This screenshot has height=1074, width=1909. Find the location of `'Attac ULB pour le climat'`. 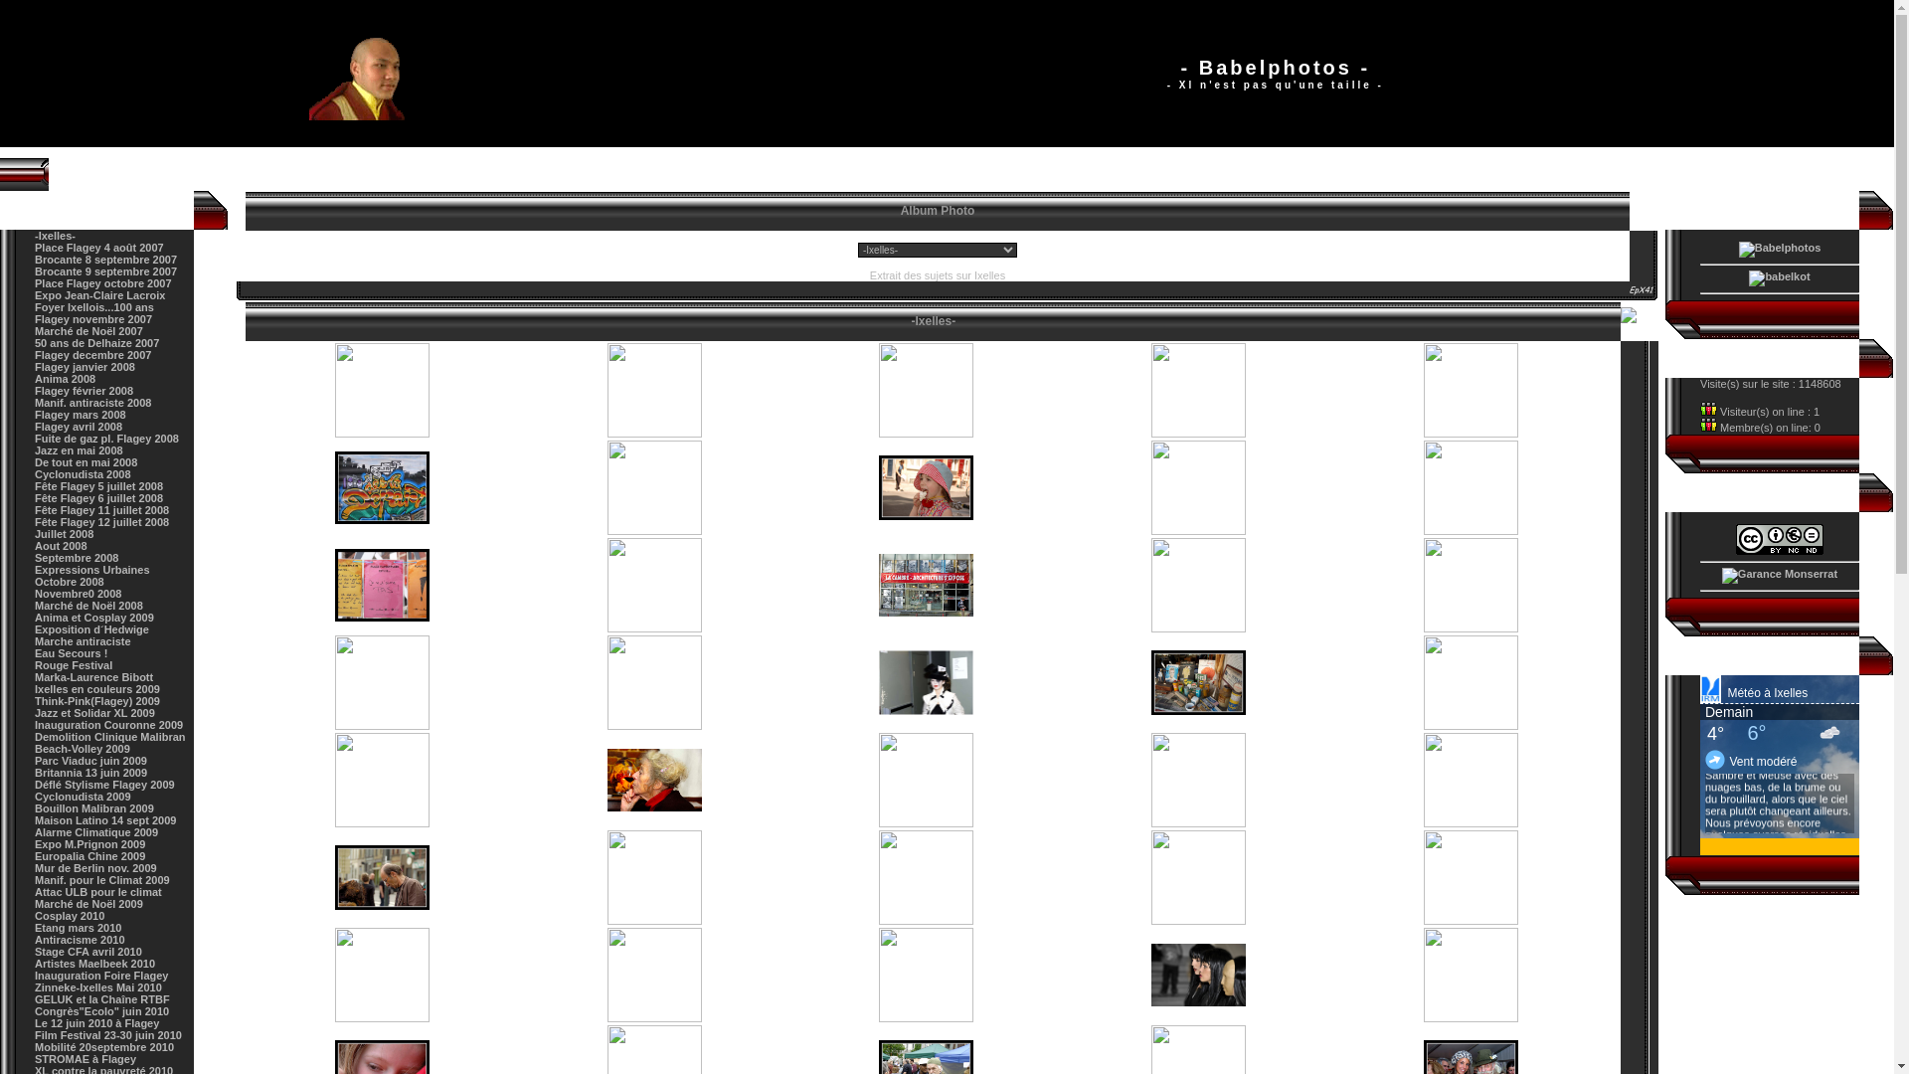

'Attac ULB pour le climat' is located at coordinates (97, 891).